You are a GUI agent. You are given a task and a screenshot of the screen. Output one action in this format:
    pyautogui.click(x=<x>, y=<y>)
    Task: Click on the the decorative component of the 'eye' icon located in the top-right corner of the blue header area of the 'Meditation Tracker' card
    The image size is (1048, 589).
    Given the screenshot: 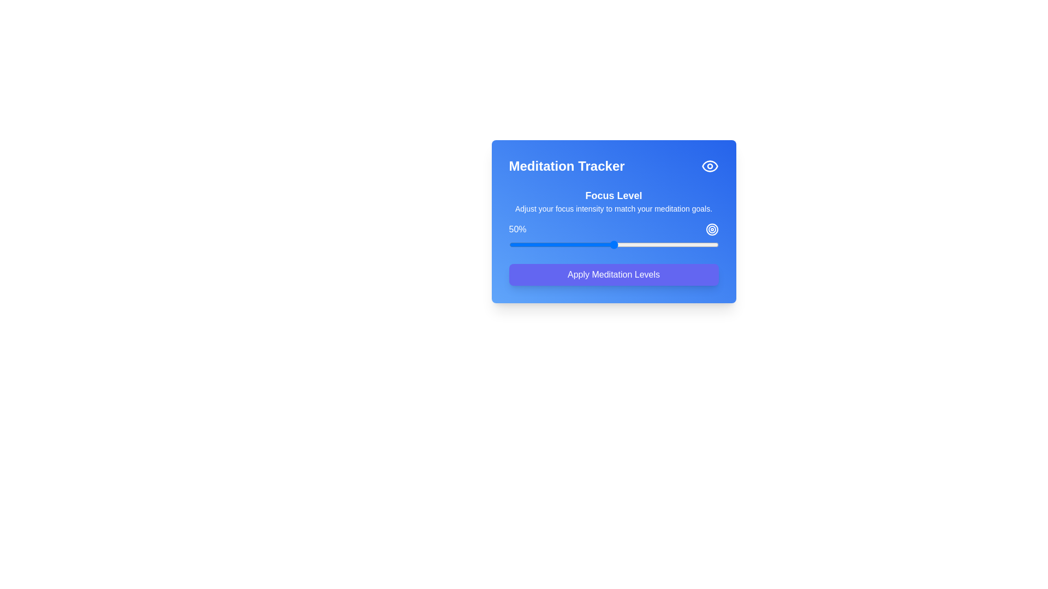 What is the action you would take?
    pyautogui.click(x=710, y=166)
    